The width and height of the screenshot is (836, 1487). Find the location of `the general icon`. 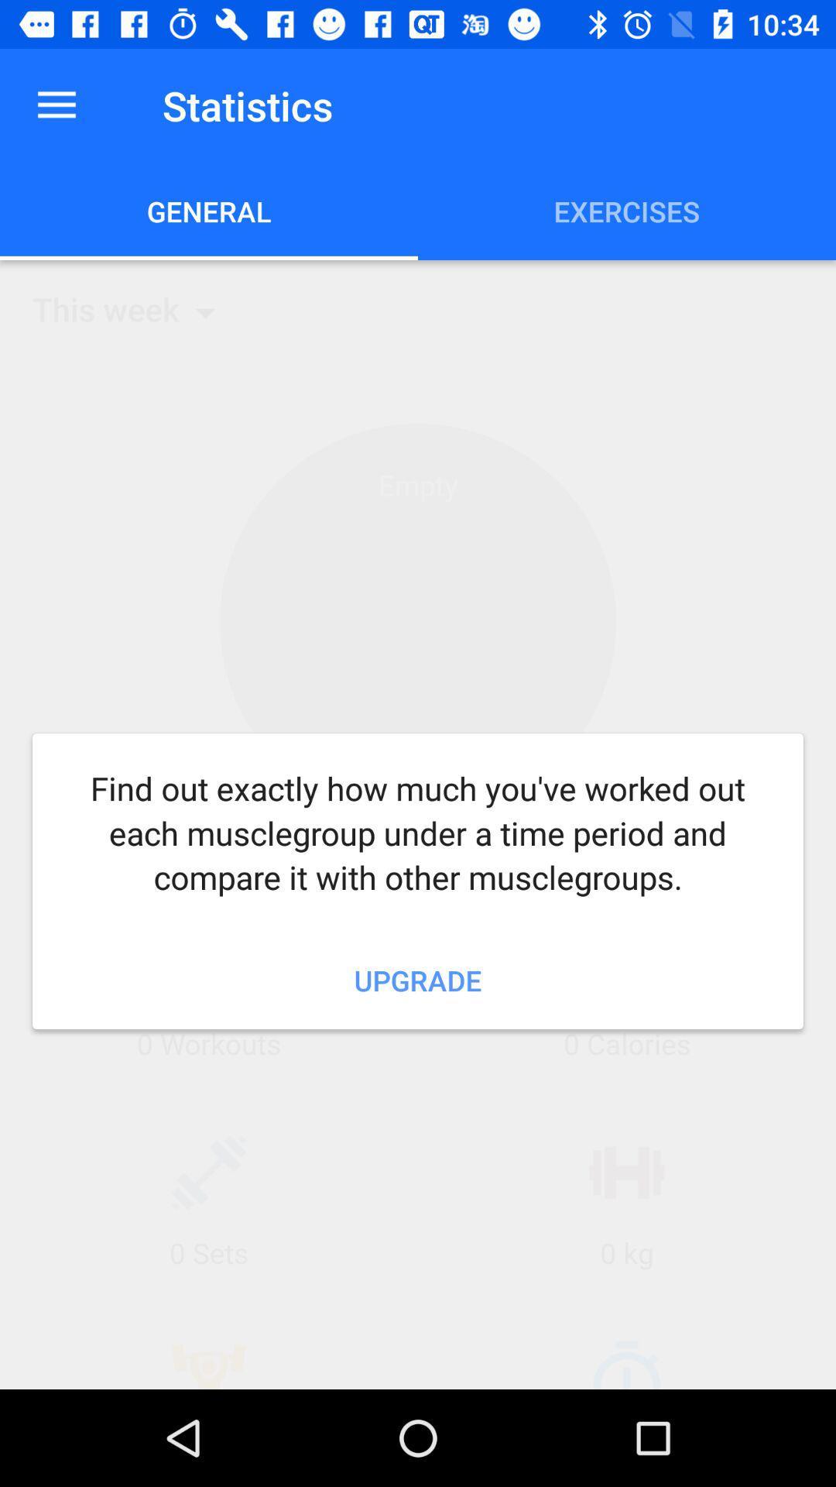

the general icon is located at coordinates (209, 211).